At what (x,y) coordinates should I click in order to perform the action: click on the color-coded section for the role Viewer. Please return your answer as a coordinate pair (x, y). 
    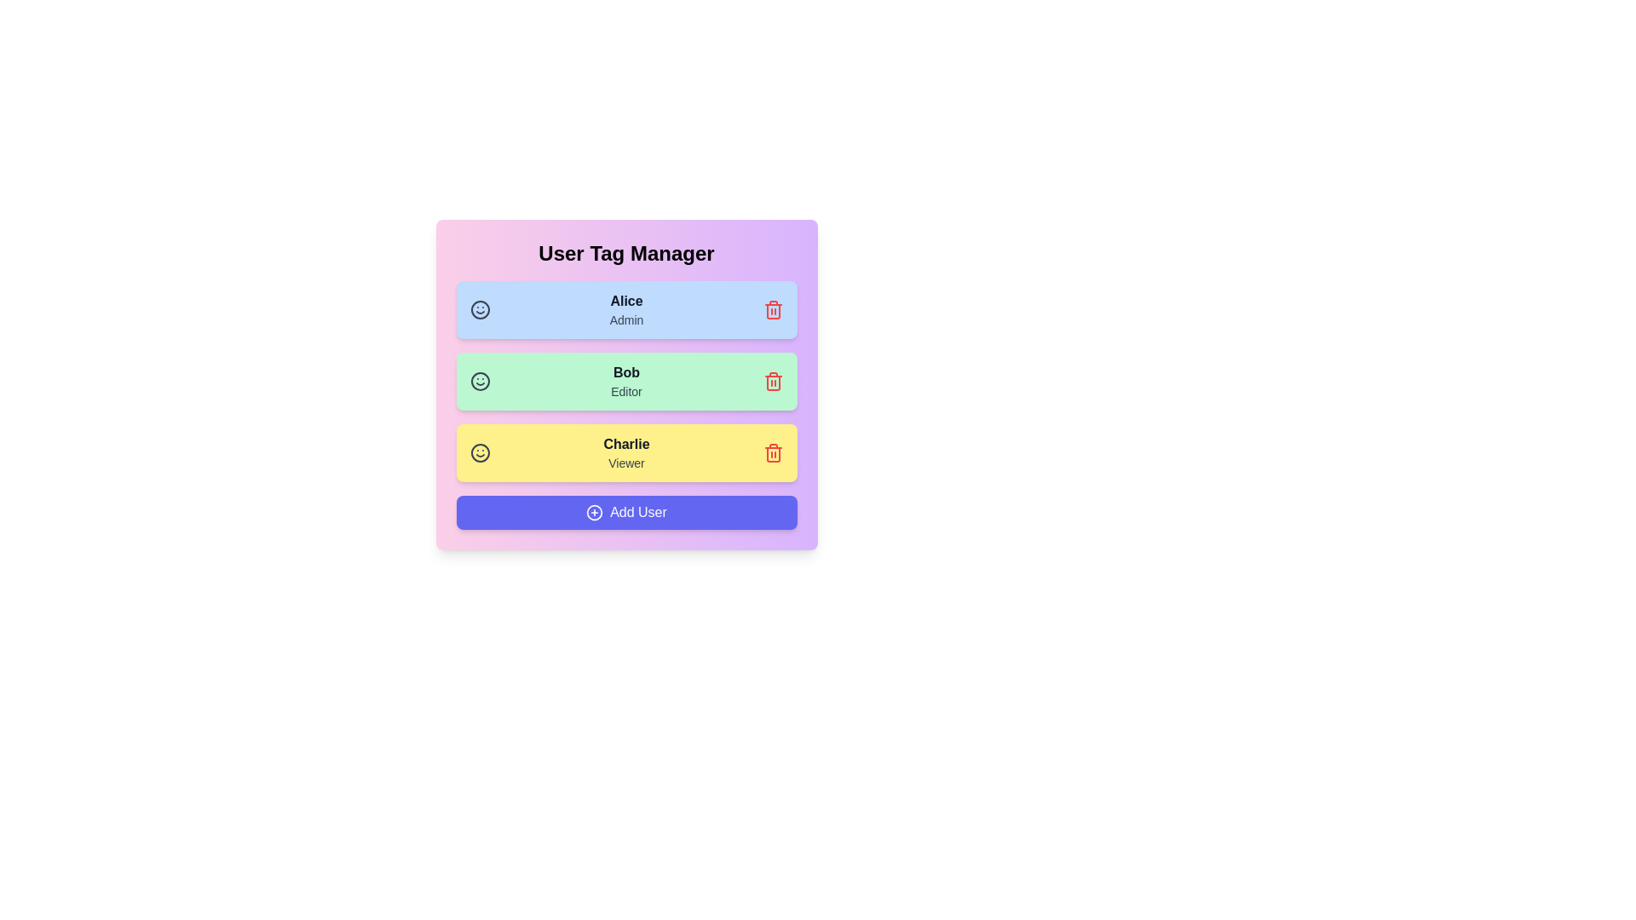
    Looking at the image, I should click on (625, 452).